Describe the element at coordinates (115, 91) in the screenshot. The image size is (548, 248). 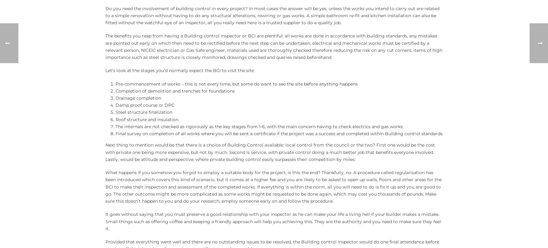
I see `'Completion of demolition and
trenches for foundations'` at that location.